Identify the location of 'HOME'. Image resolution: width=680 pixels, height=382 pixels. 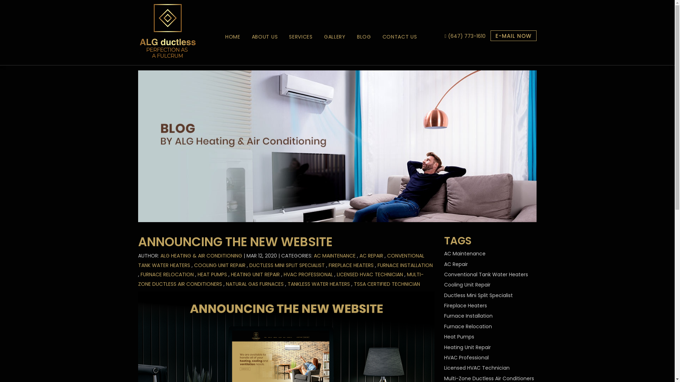
(233, 37).